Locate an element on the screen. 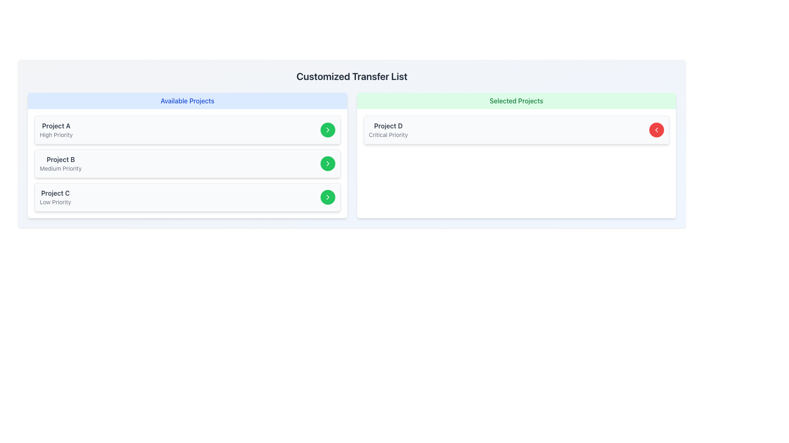  the Static Text Label displaying 'Project A' which is bold and dark gray, located under 'Available Projects' and above 'High Priority' is located at coordinates (56, 126).